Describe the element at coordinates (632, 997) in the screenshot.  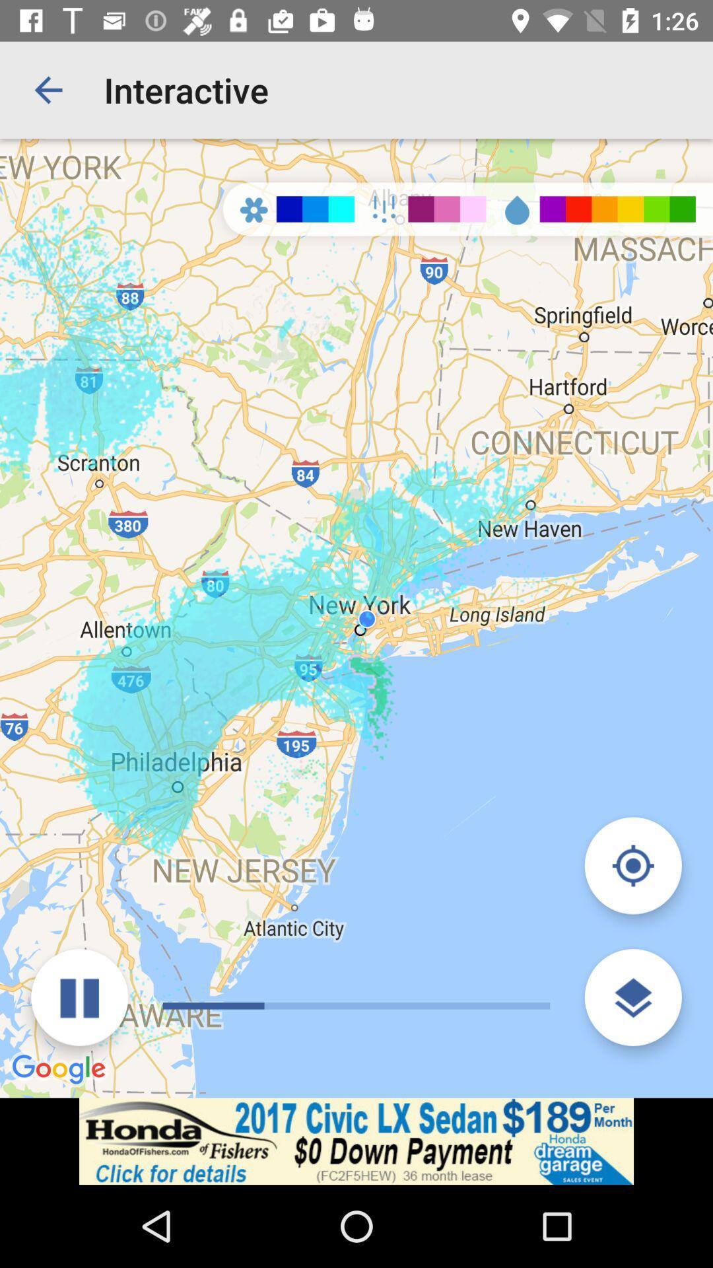
I see `show map layers` at that location.